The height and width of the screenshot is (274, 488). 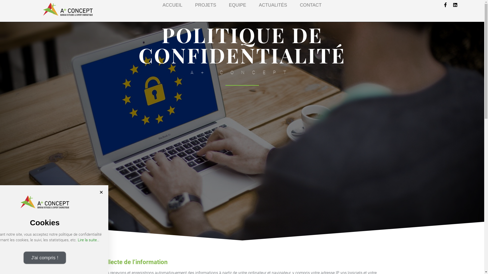 What do you see at coordinates (300, 5) in the screenshot?
I see `'CONTACT'` at bounding box center [300, 5].